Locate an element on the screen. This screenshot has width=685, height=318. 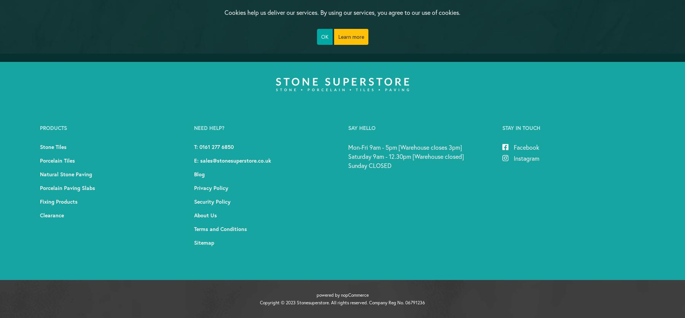
'Saturday 9am - 12.30pm [Warehouse closed]' is located at coordinates (406, 156).